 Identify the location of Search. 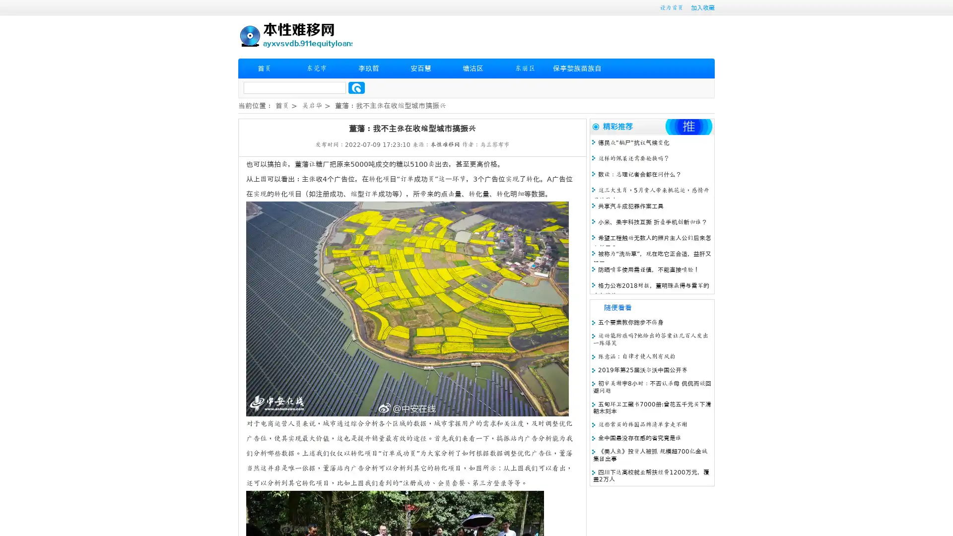
(356, 87).